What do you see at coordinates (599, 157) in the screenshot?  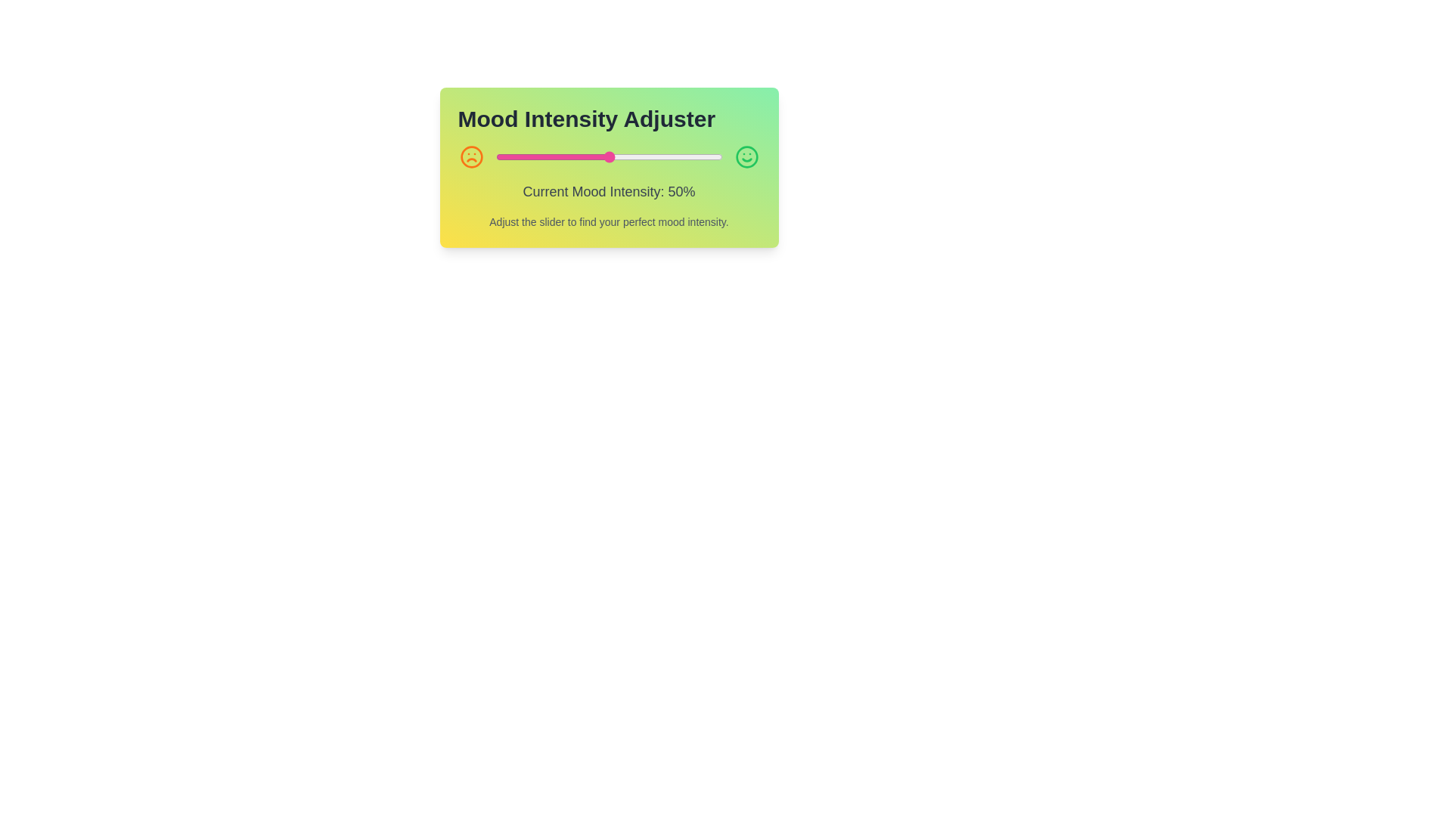 I see `the mood intensity slider to 46% by dragging the slider handle` at bounding box center [599, 157].